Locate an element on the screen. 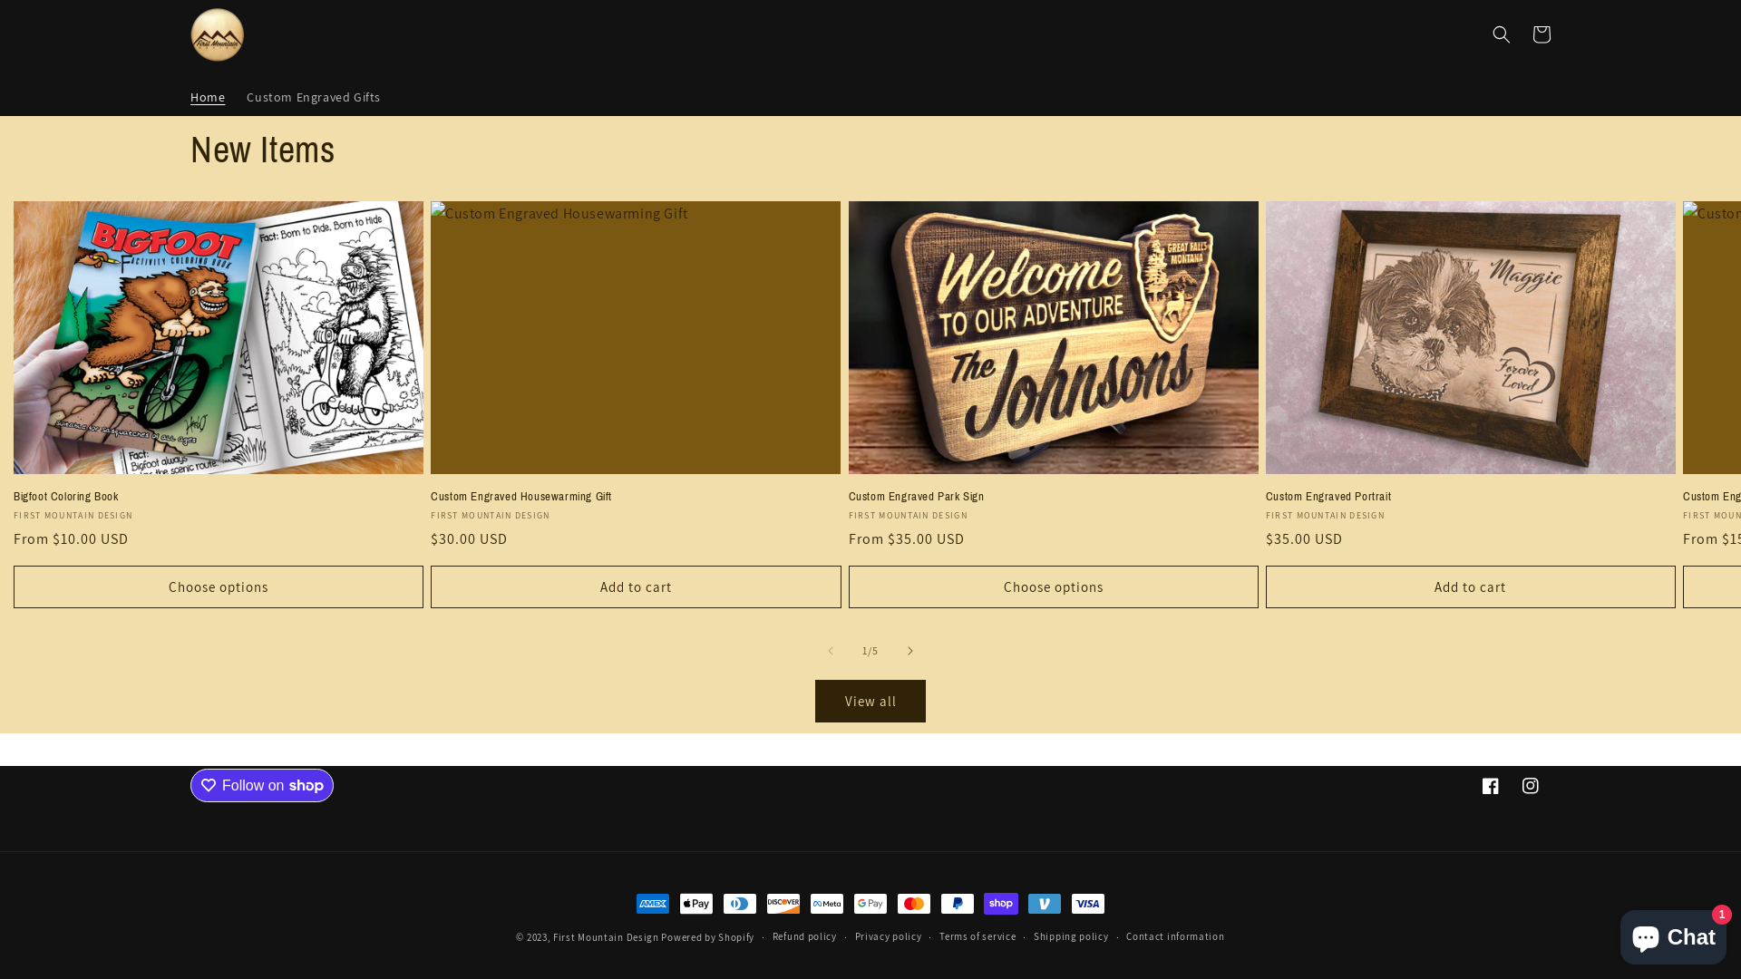 Image resolution: width=1741 pixels, height=979 pixels. 'Shipping policy' is located at coordinates (1071, 936).